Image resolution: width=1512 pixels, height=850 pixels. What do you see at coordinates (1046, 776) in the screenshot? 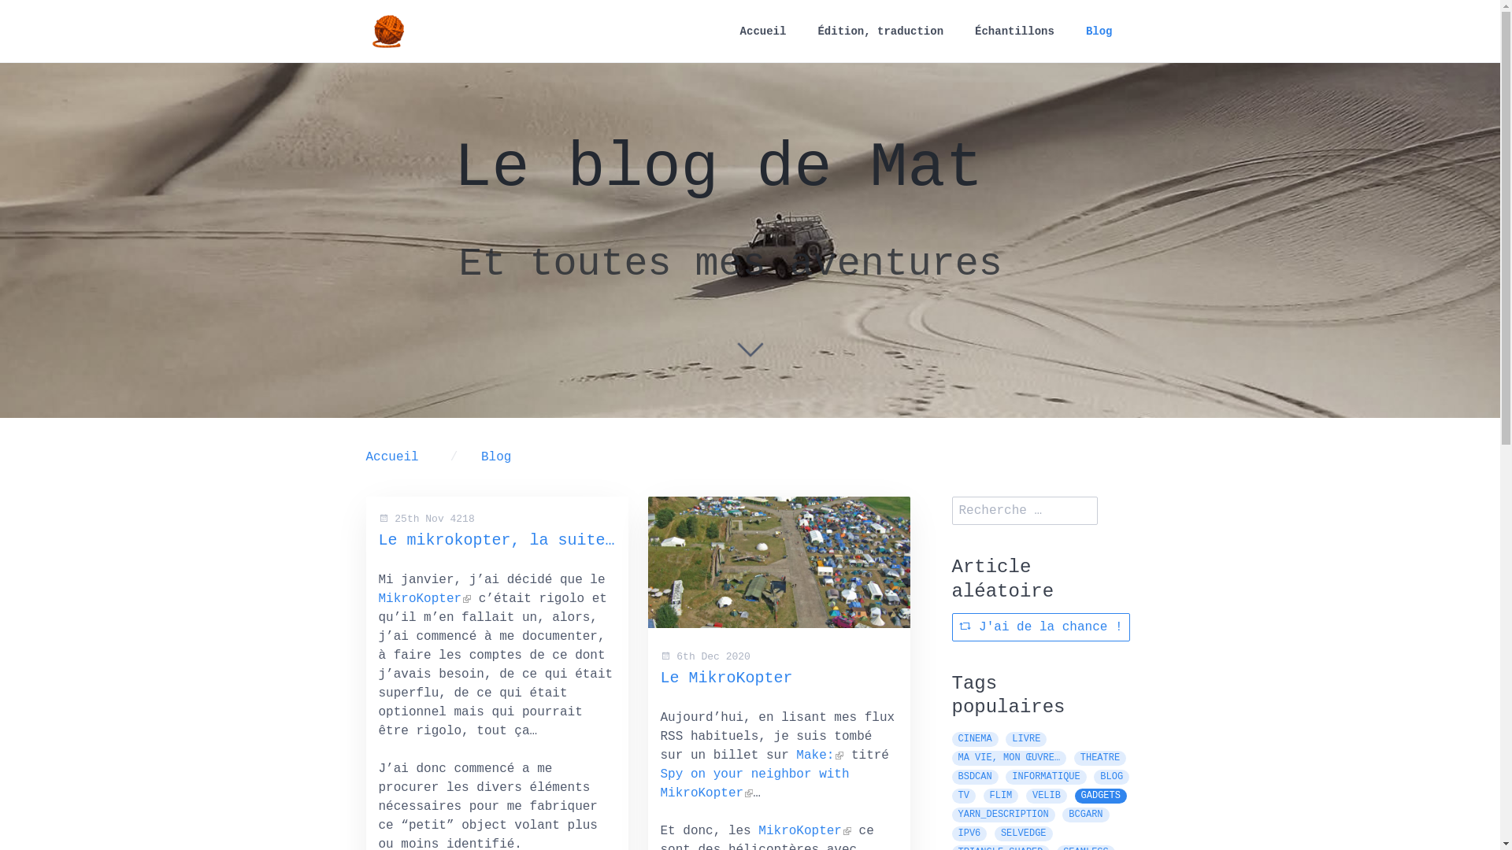
I see `'INFORMATIQUE'` at bounding box center [1046, 776].